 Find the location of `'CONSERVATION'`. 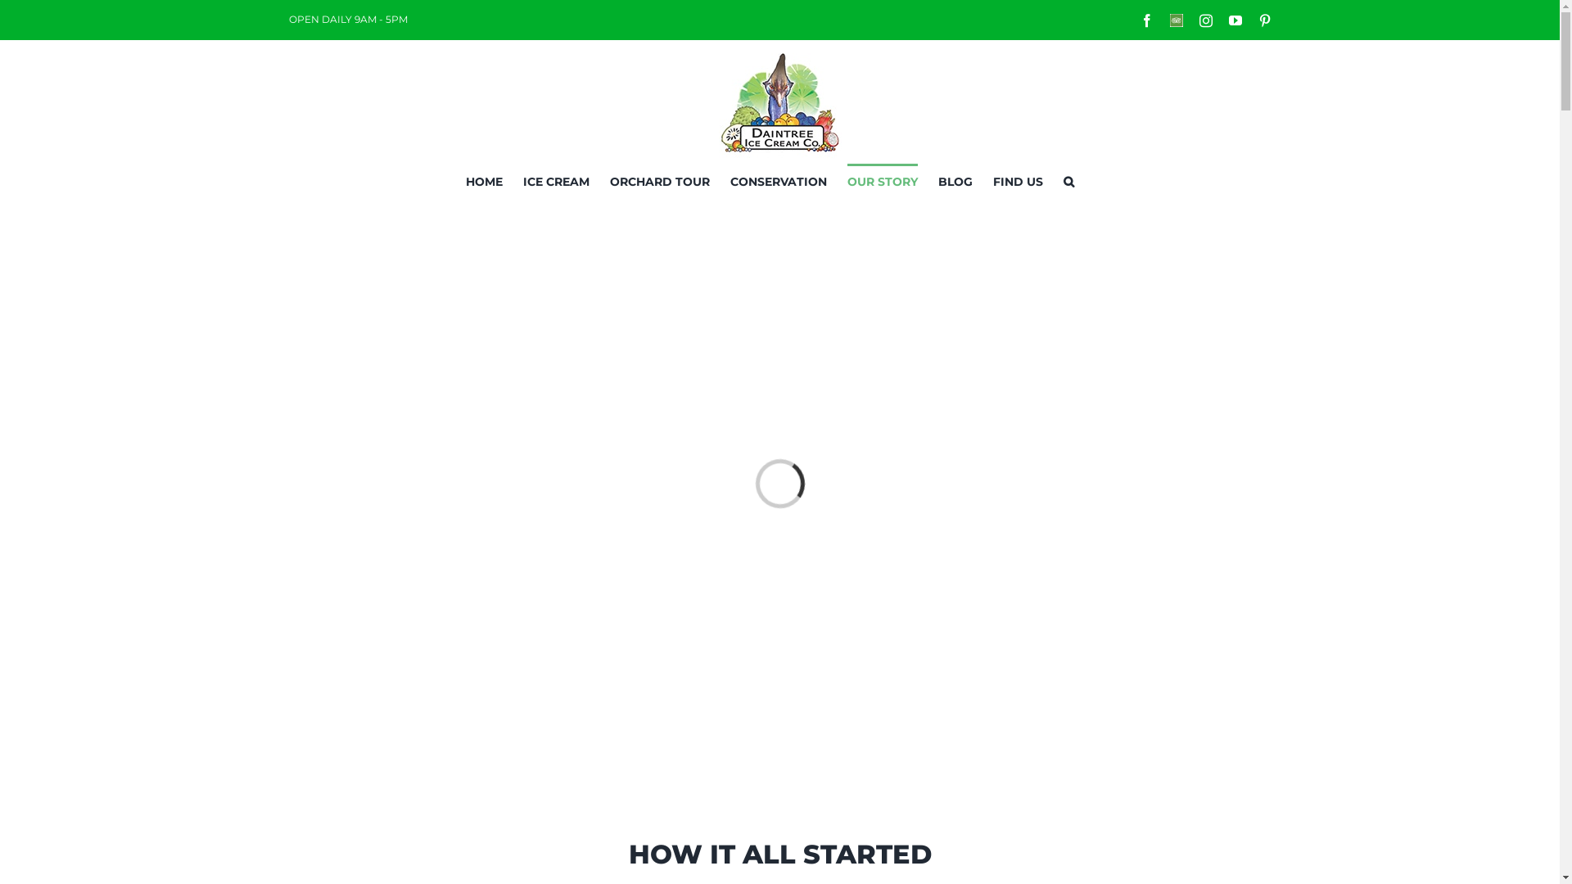

'CONSERVATION' is located at coordinates (730, 179).